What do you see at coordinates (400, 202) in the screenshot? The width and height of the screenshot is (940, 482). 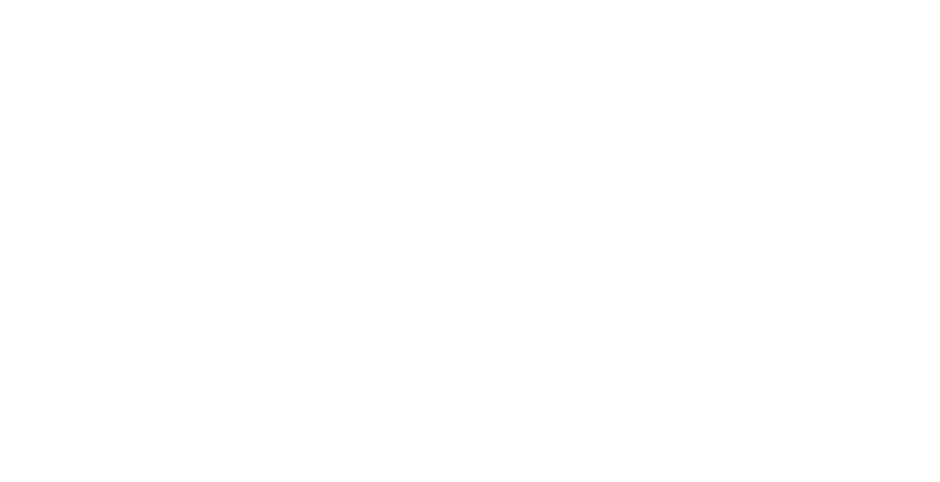 I see `'$39.95'` at bounding box center [400, 202].